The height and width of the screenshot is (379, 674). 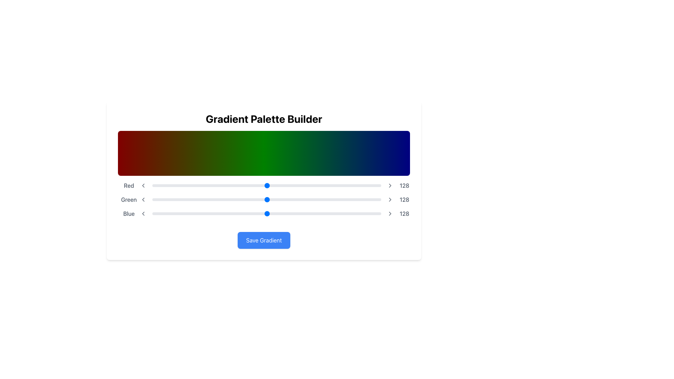 I want to click on the blue color intensity, so click(x=204, y=212).